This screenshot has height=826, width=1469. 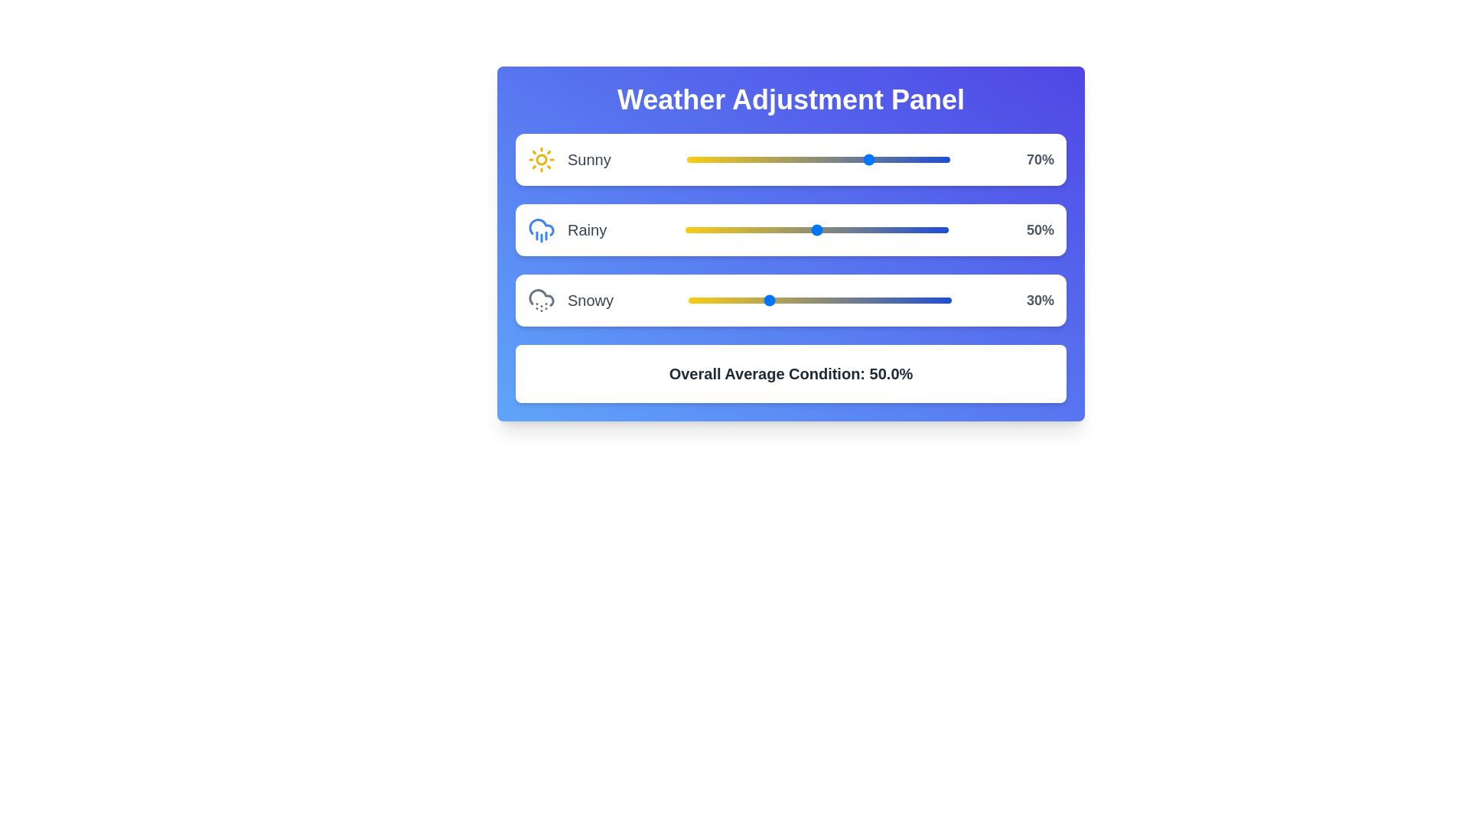 What do you see at coordinates (937, 301) in the screenshot?
I see `the value of the slider` at bounding box center [937, 301].